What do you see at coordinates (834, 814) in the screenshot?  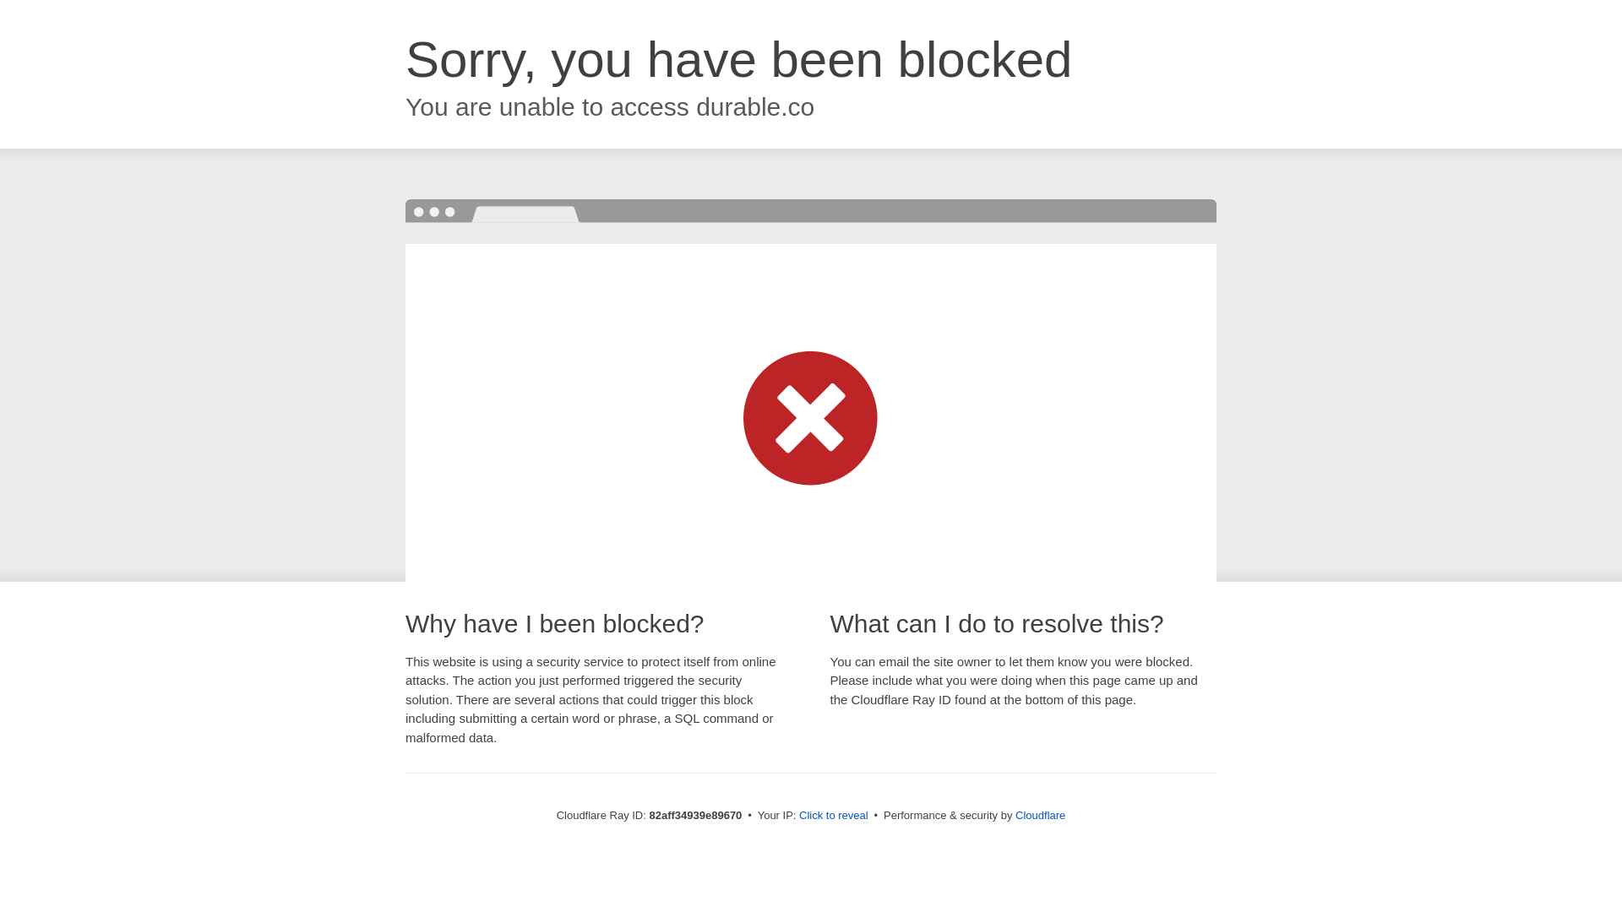 I see `'Click to reveal'` at bounding box center [834, 814].